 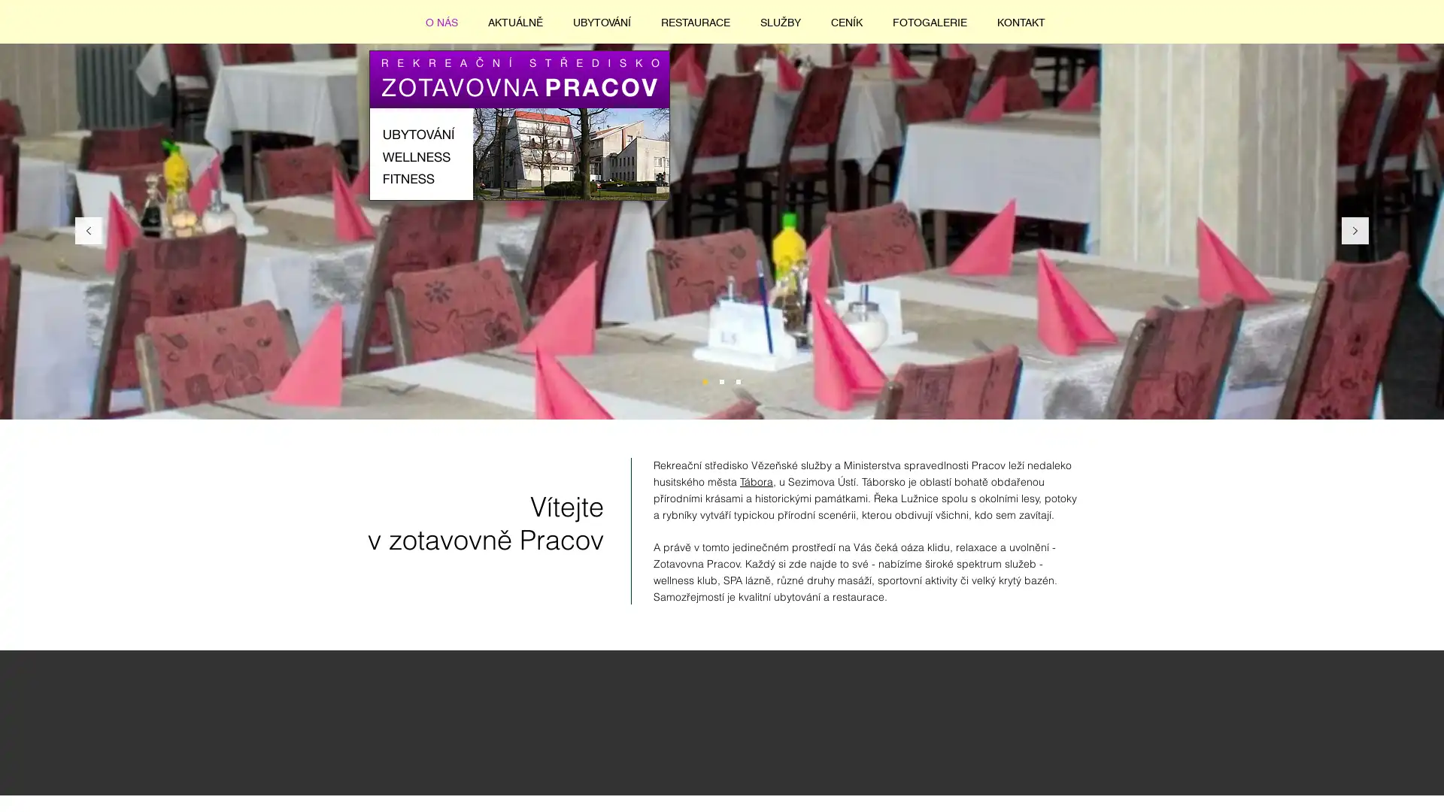 What do you see at coordinates (88, 231) in the screenshot?
I see `Predchozi` at bounding box center [88, 231].